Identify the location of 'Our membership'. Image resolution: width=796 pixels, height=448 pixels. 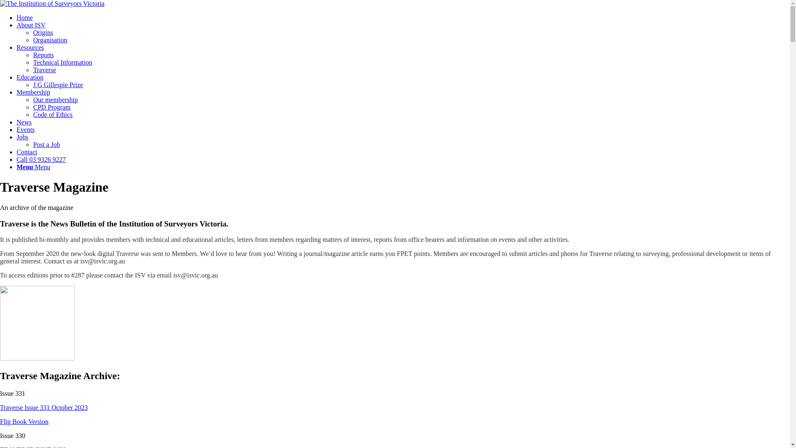
(55, 99).